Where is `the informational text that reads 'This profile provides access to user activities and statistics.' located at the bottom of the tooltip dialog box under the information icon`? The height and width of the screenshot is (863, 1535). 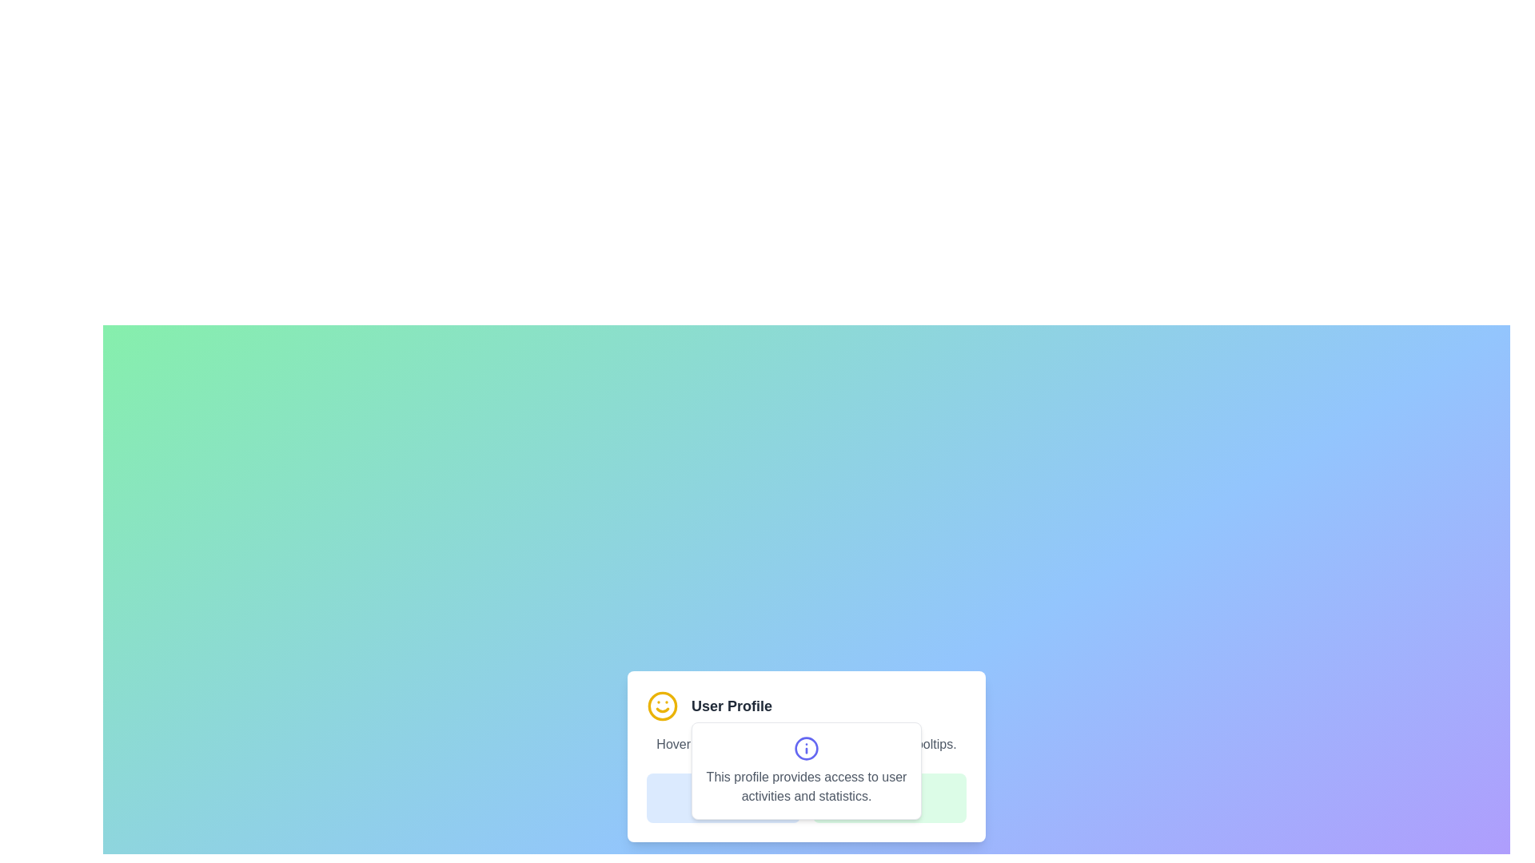
the informational text that reads 'This profile provides access to user activities and statistics.' located at the bottom of the tooltip dialog box under the information icon is located at coordinates (806, 785).